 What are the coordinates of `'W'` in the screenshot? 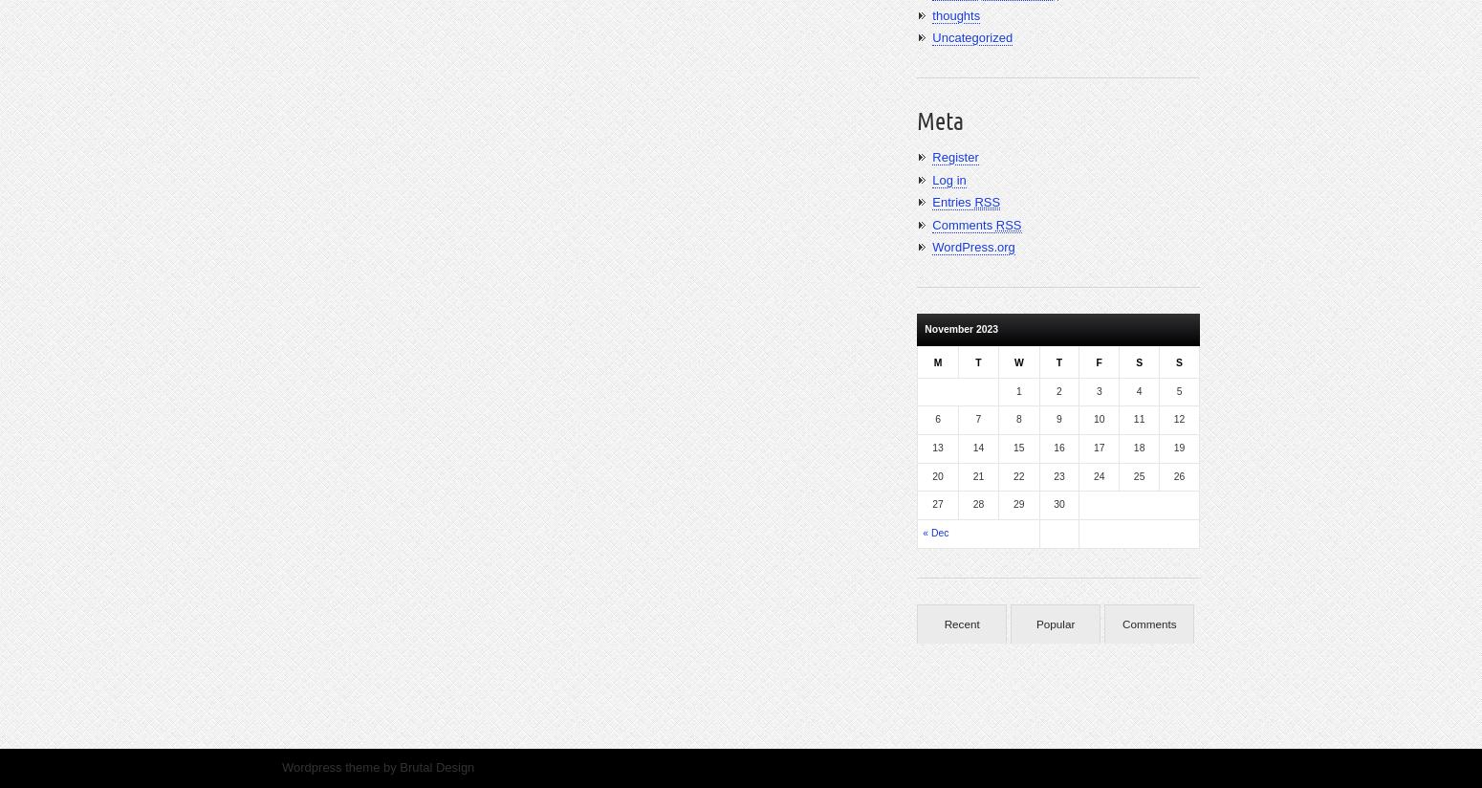 It's located at (1018, 361).